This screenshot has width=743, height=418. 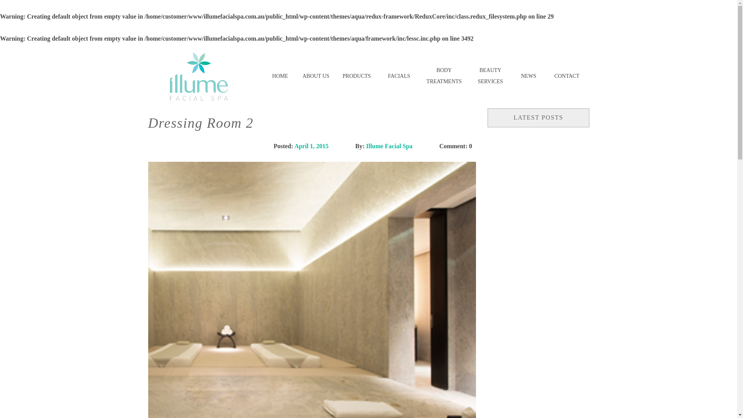 I want to click on 'PRODUCTS', so click(x=356, y=76).